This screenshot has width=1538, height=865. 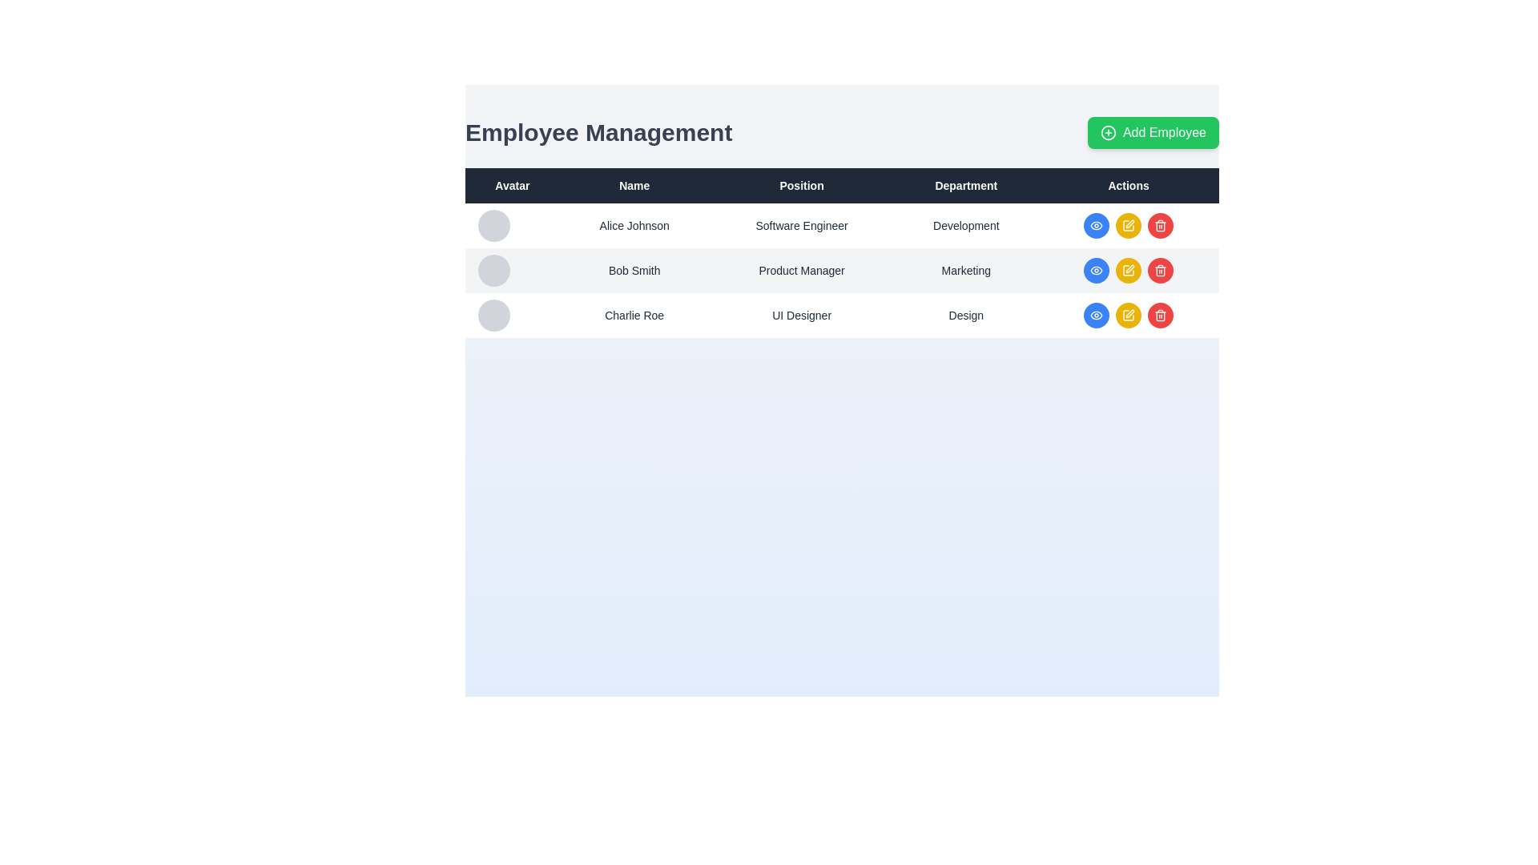 What do you see at coordinates (1161, 270) in the screenshot?
I see `the delete button for 'Charlie Roe', located in the last column under the 'Actions' header, to possibly display a tooltip` at bounding box center [1161, 270].